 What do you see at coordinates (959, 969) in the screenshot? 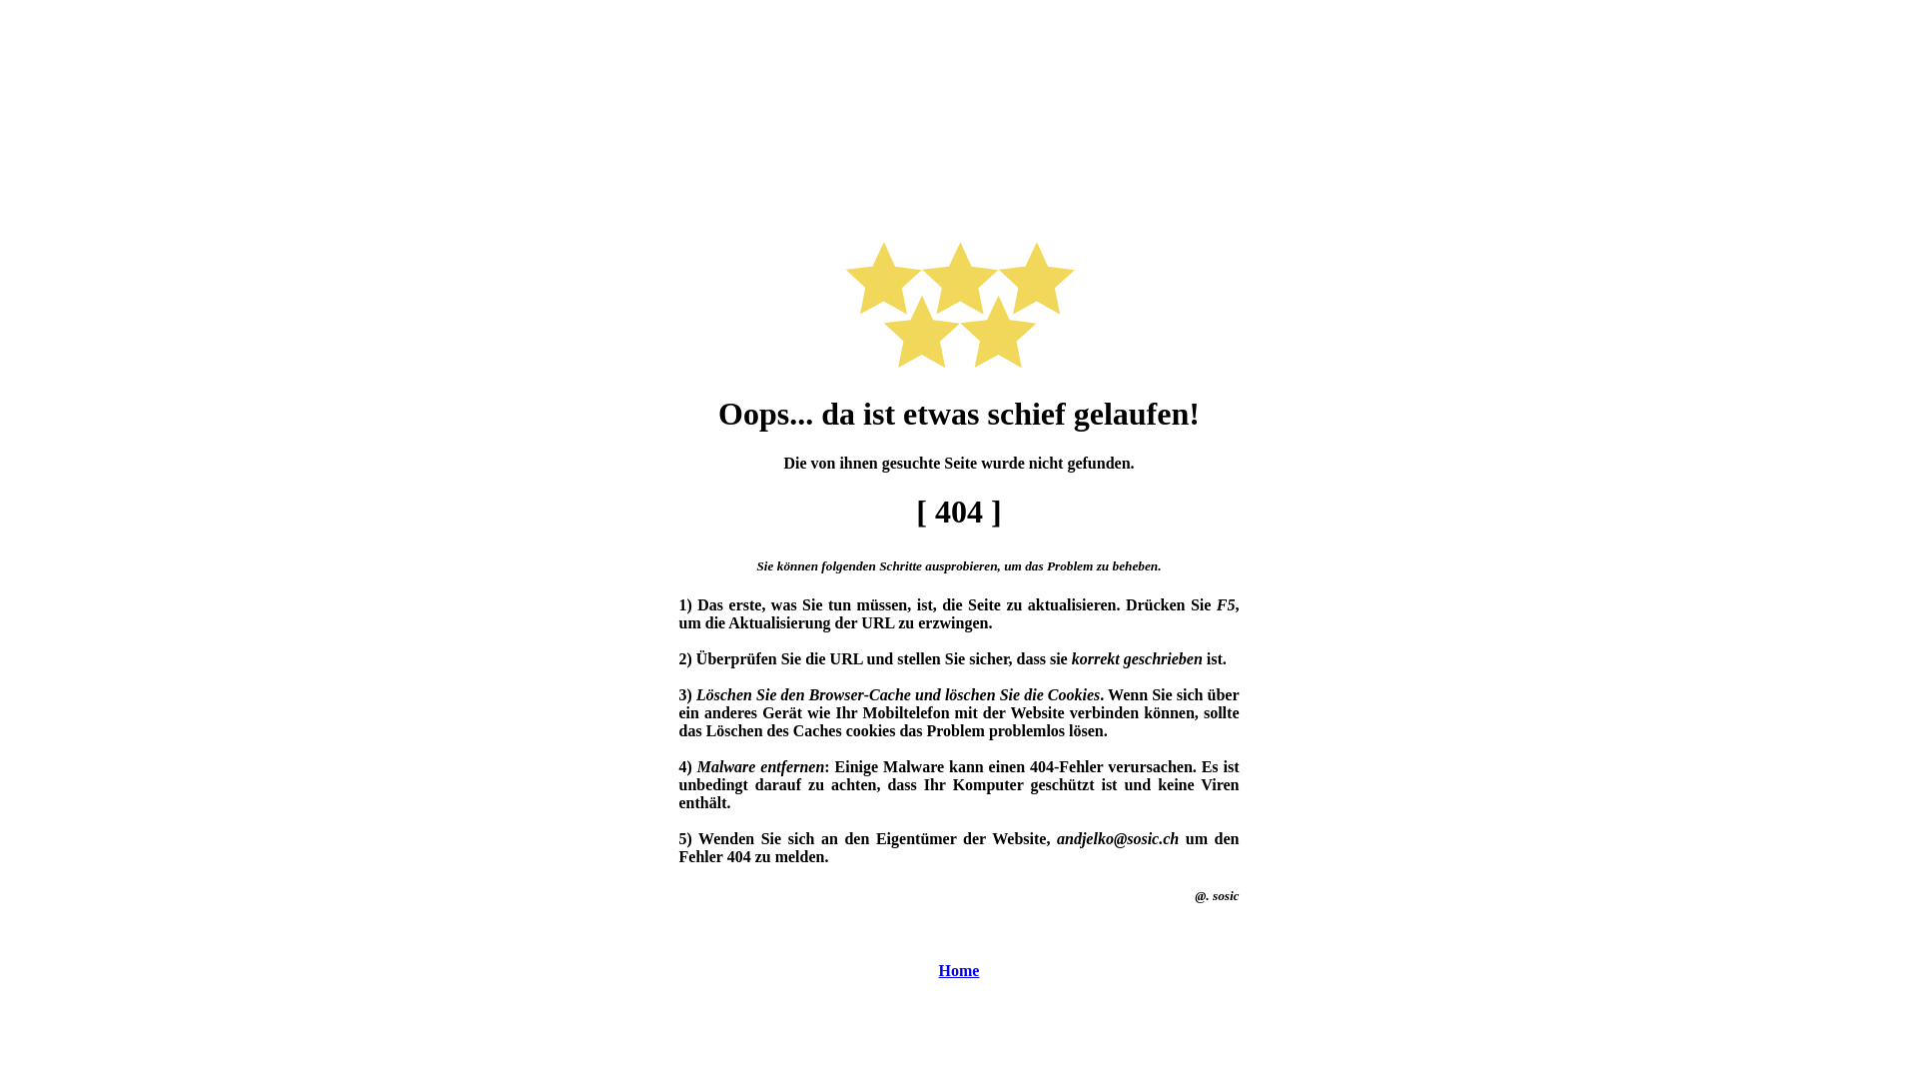
I see `'Home'` at bounding box center [959, 969].